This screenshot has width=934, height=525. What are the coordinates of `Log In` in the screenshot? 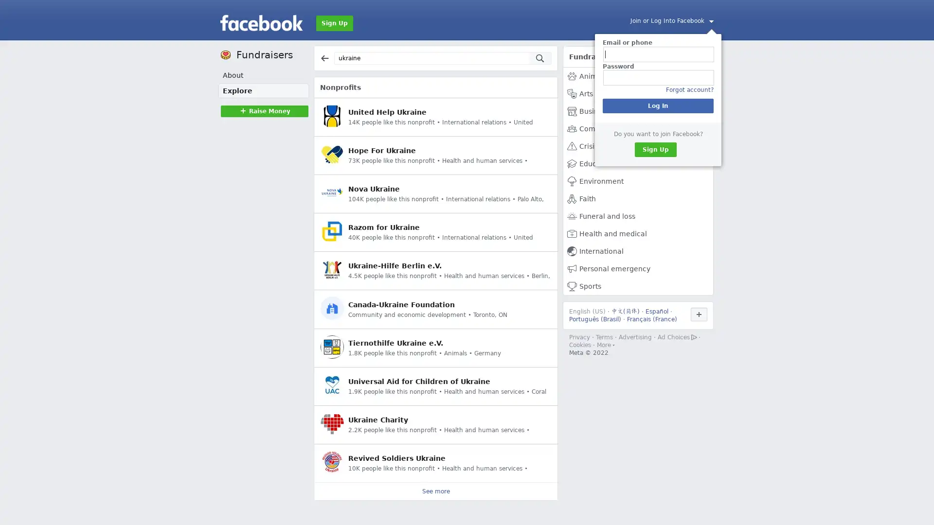 It's located at (658, 106).